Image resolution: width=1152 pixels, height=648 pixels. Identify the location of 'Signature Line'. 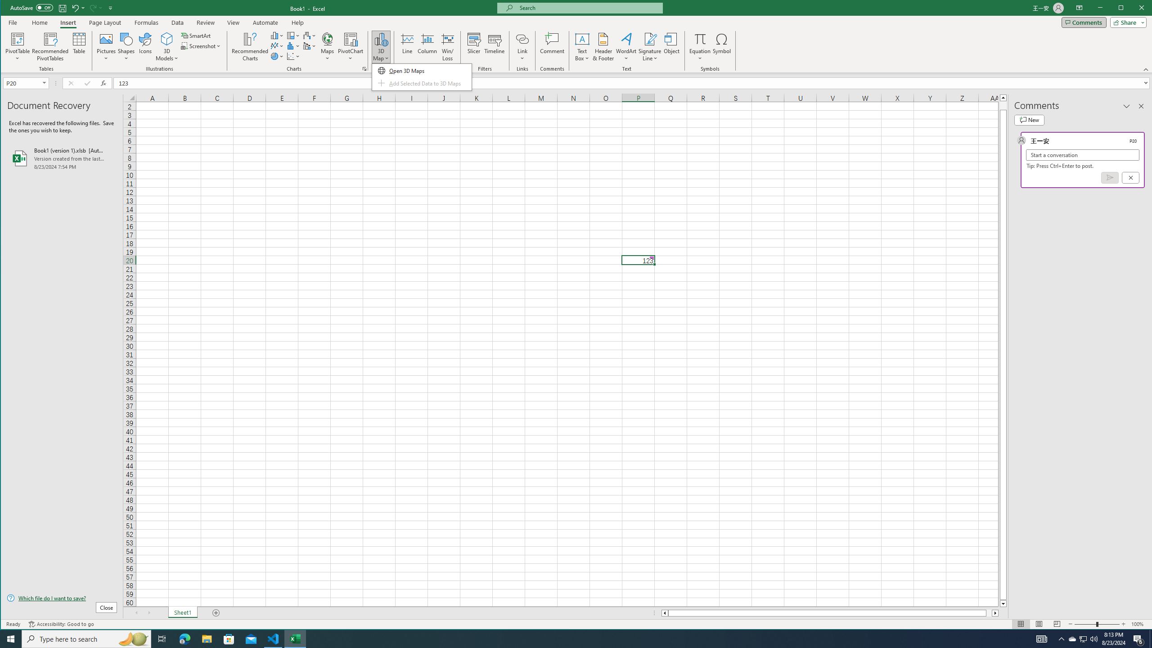
(650, 46).